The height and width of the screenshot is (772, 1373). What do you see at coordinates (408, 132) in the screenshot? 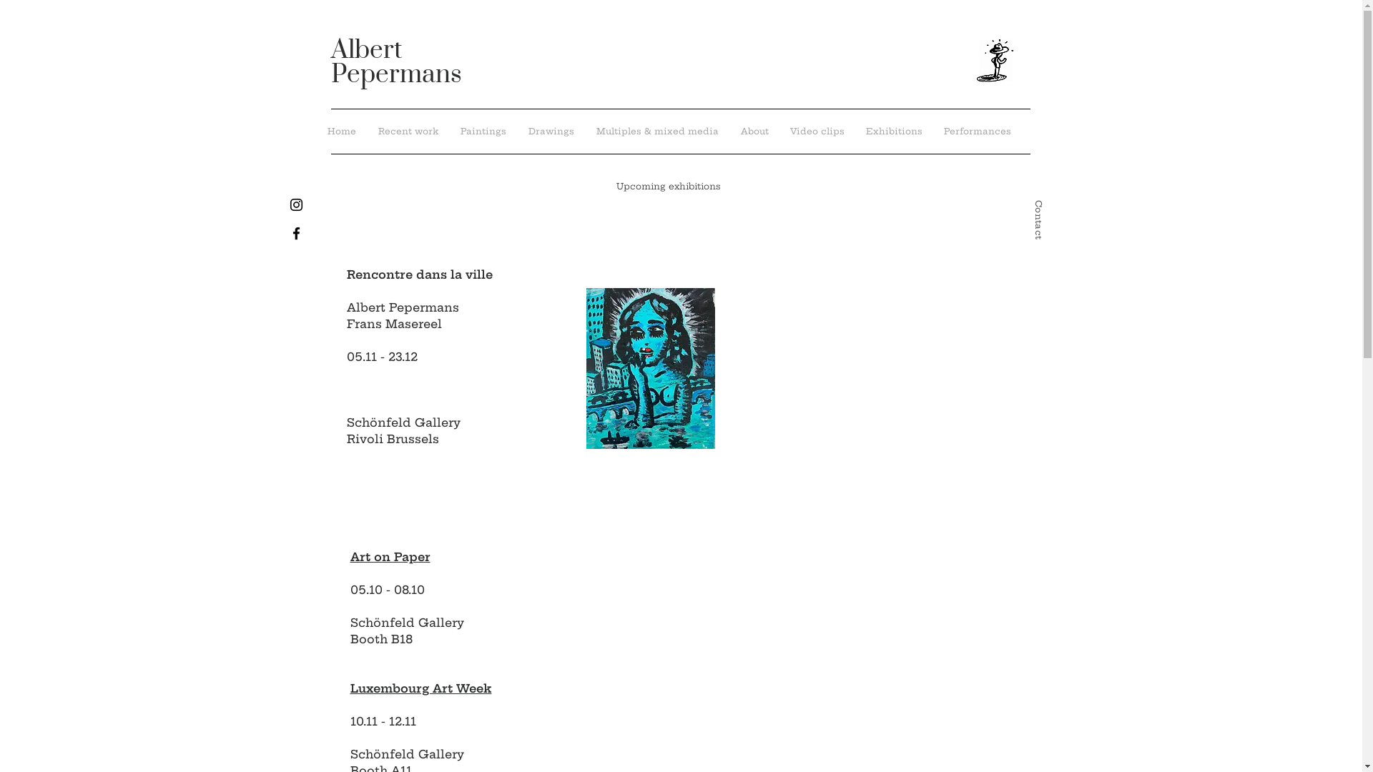
I see `'Recent work'` at bounding box center [408, 132].